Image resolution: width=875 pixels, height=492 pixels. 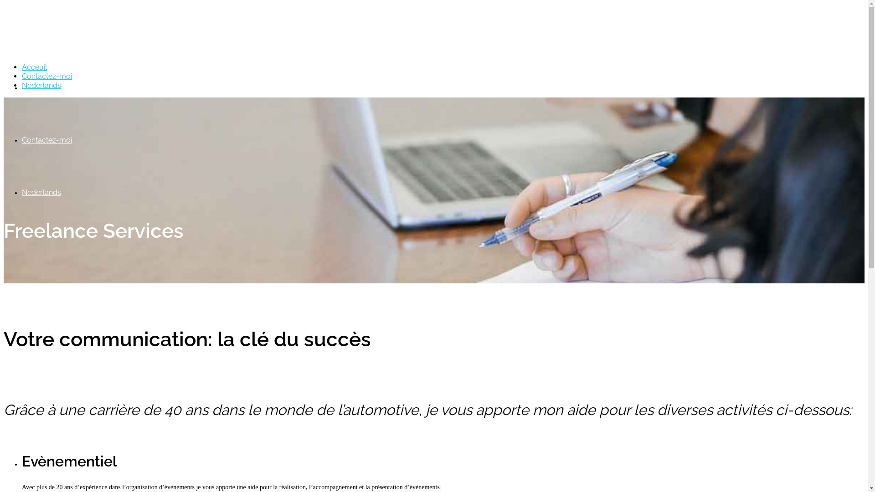 I want to click on 'Acceuil', so click(x=34, y=87).